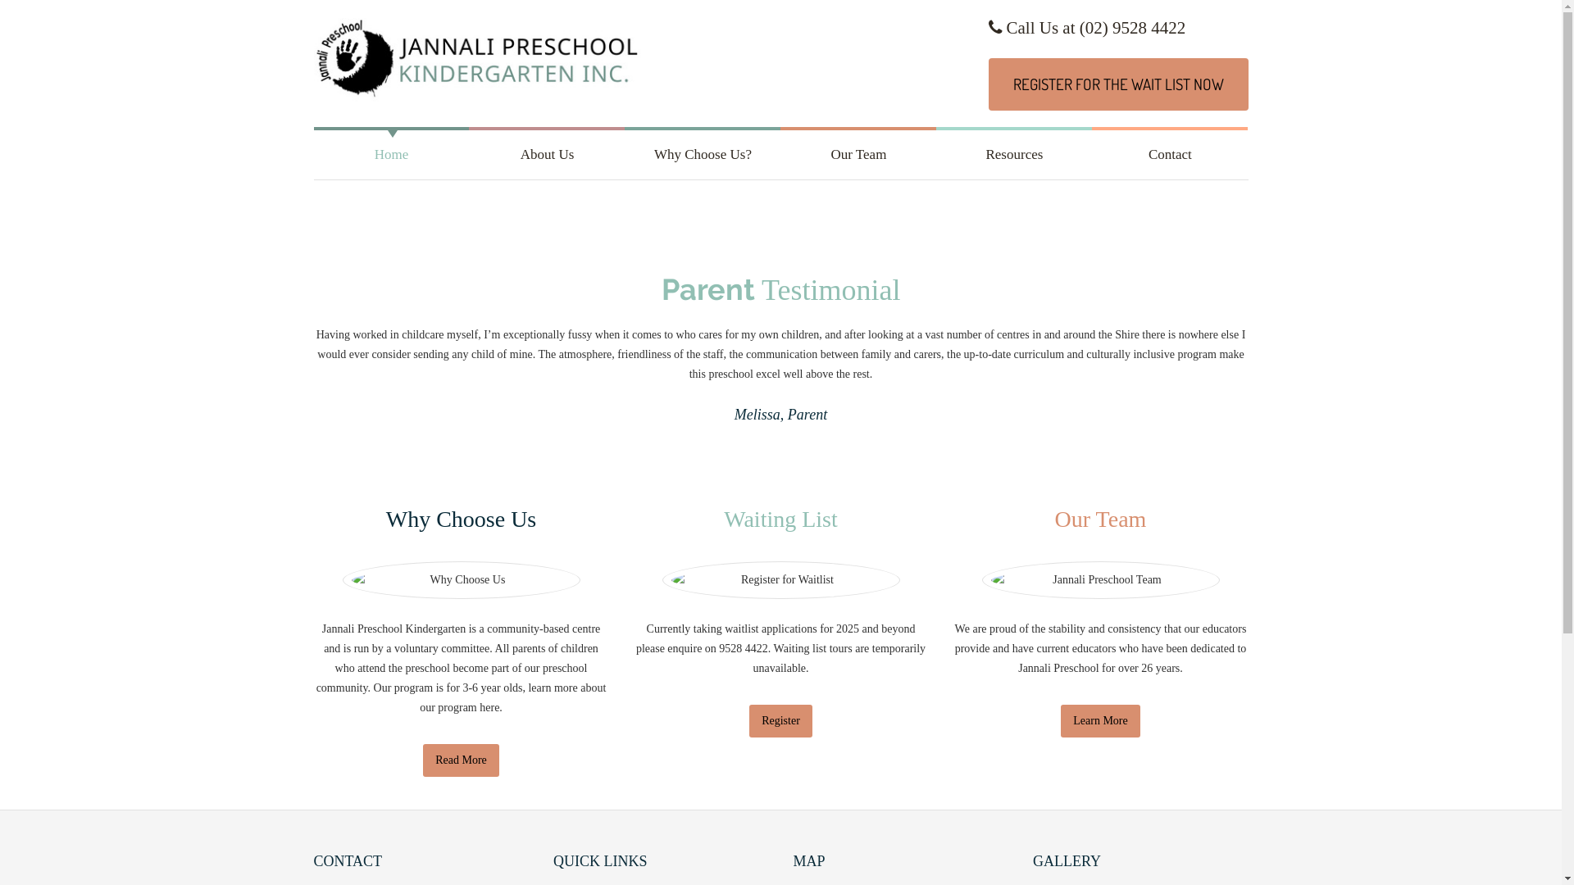 The image size is (1574, 885). What do you see at coordinates (1087, 28) in the screenshot?
I see `'Call Us at (02) 9528 4422'` at bounding box center [1087, 28].